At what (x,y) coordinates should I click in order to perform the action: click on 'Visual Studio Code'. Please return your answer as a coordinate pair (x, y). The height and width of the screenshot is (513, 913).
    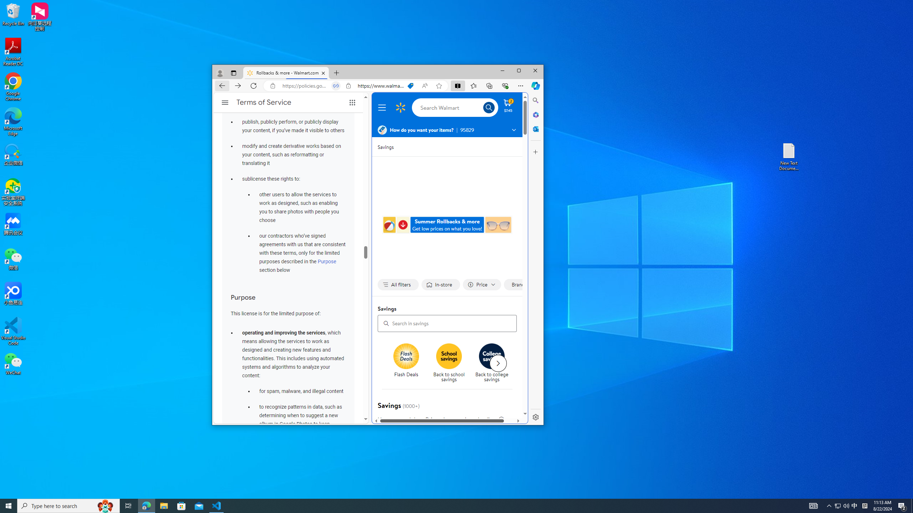
    Looking at the image, I should click on (13, 331).